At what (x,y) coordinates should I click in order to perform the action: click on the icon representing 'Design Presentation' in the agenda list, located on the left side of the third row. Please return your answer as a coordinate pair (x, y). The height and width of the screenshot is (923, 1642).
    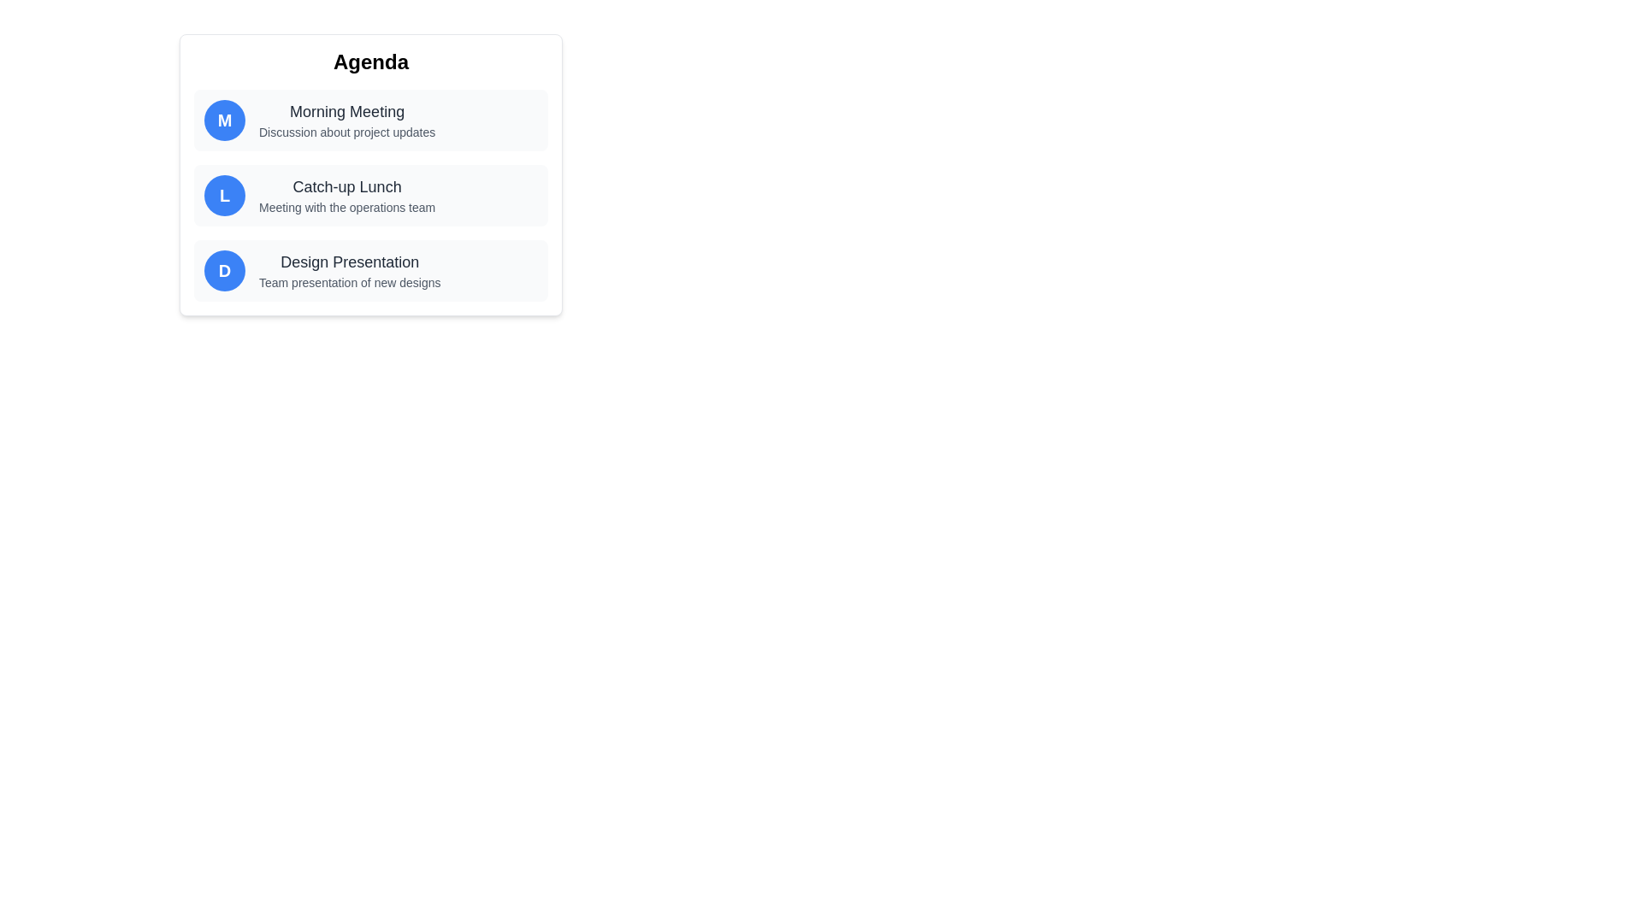
    Looking at the image, I should click on (224, 269).